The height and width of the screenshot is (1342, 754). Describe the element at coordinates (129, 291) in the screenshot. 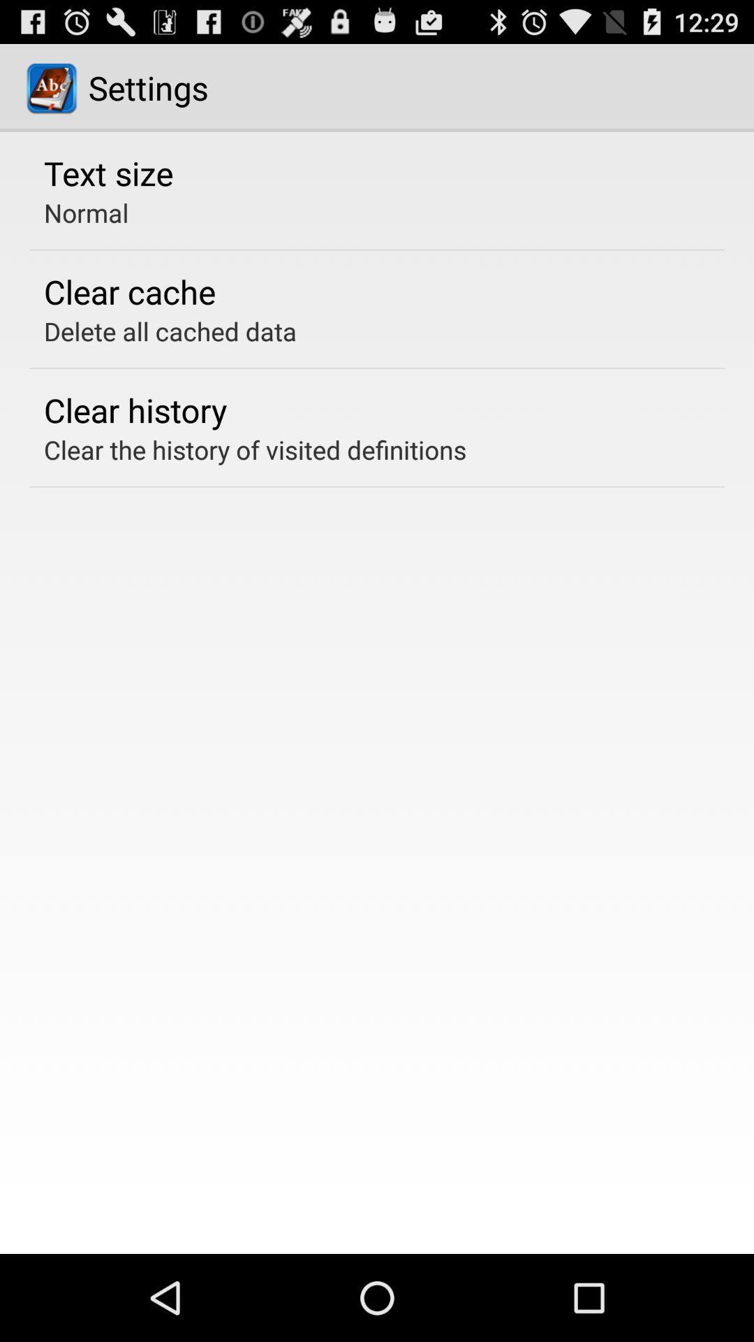

I see `the icon below the normal icon` at that location.